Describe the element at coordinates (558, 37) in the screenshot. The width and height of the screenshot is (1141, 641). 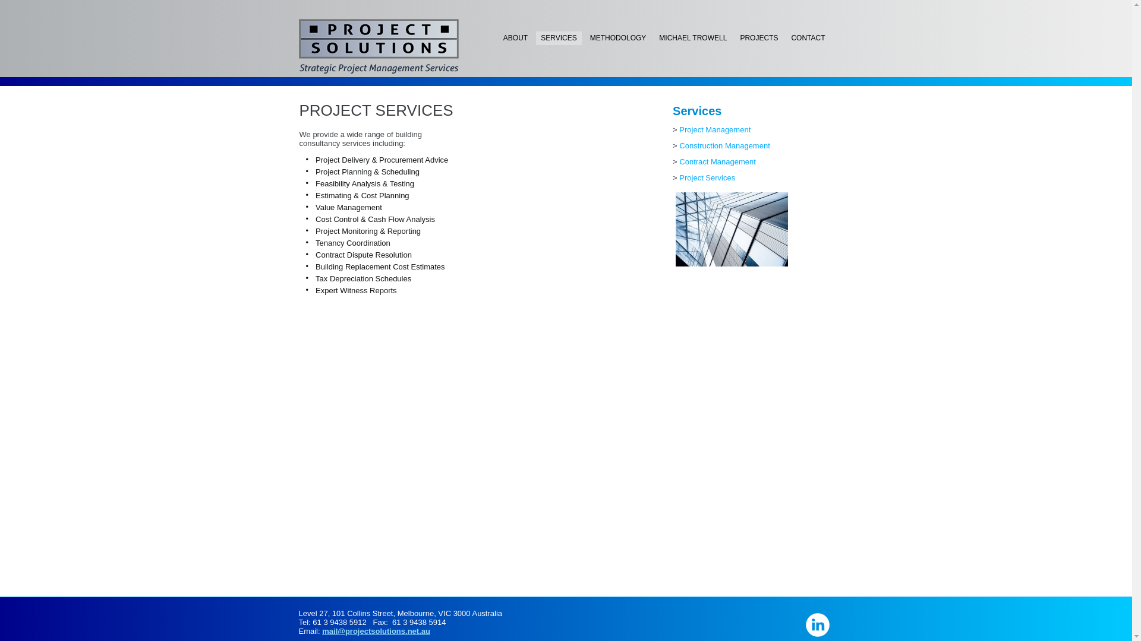
I see `'SERVICES'` at that location.